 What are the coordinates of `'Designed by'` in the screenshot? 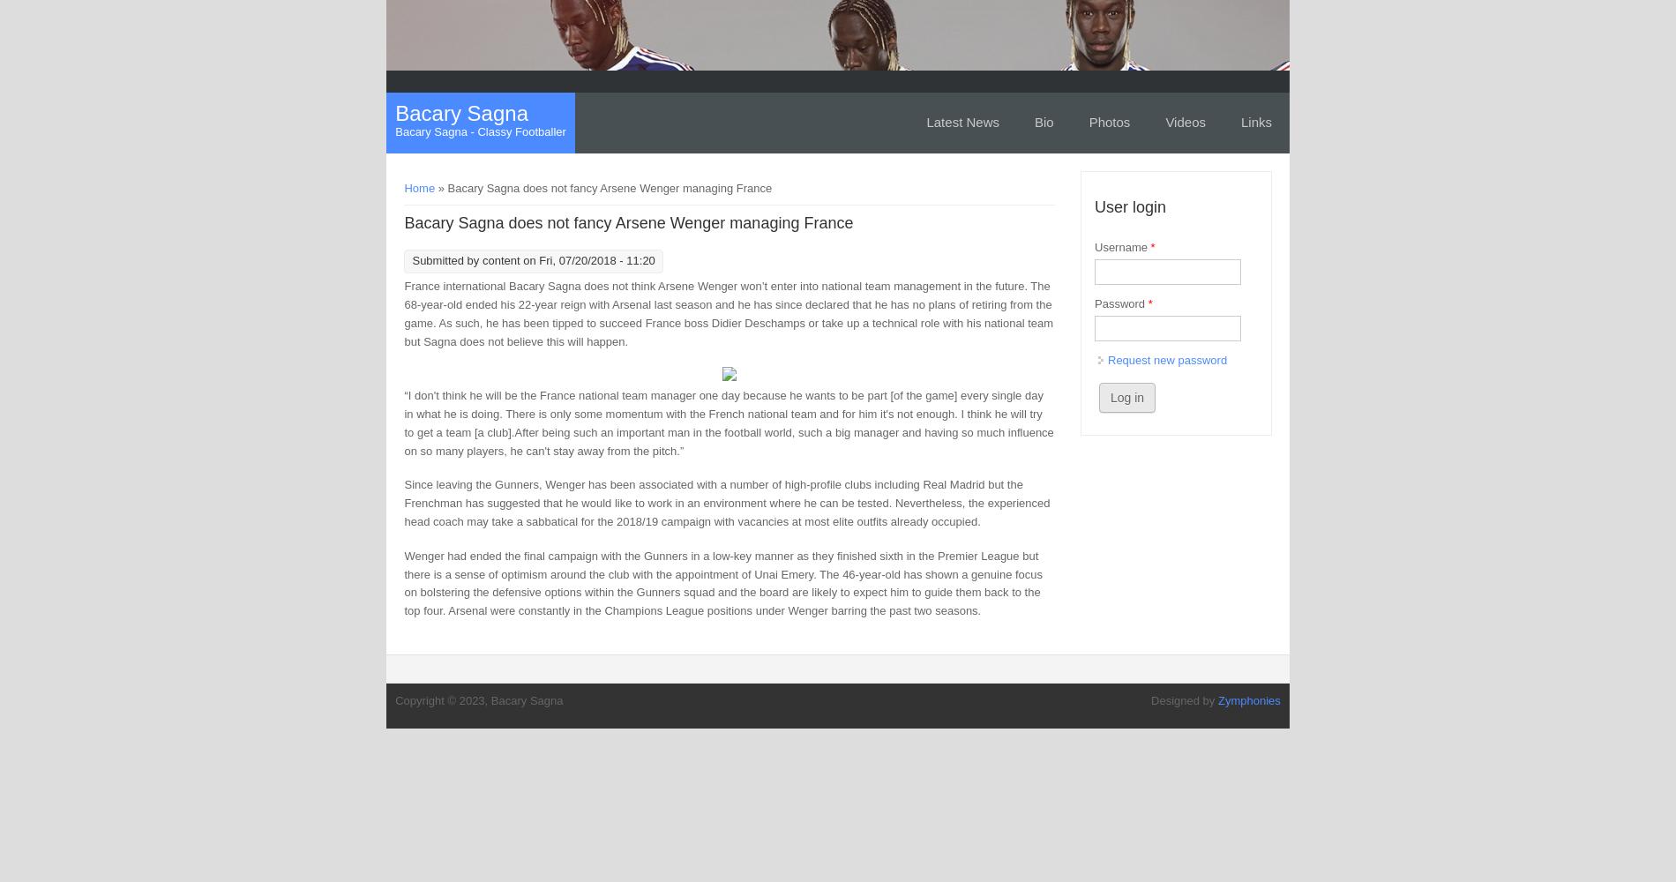 It's located at (1183, 699).